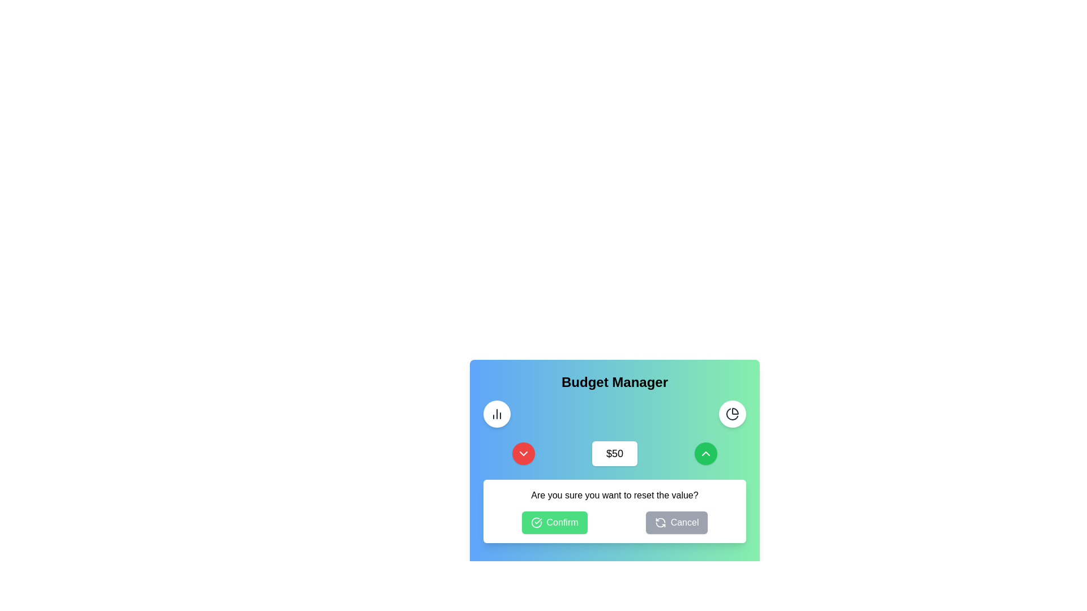  I want to click on the circular button located at the lower left of the main interface, so click(523, 453).